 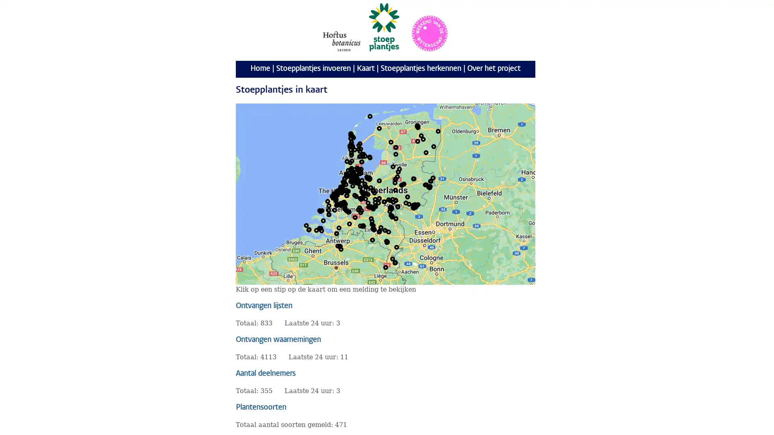 I want to click on Telling van op 24 mei 2022, so click(x=346, y=195).